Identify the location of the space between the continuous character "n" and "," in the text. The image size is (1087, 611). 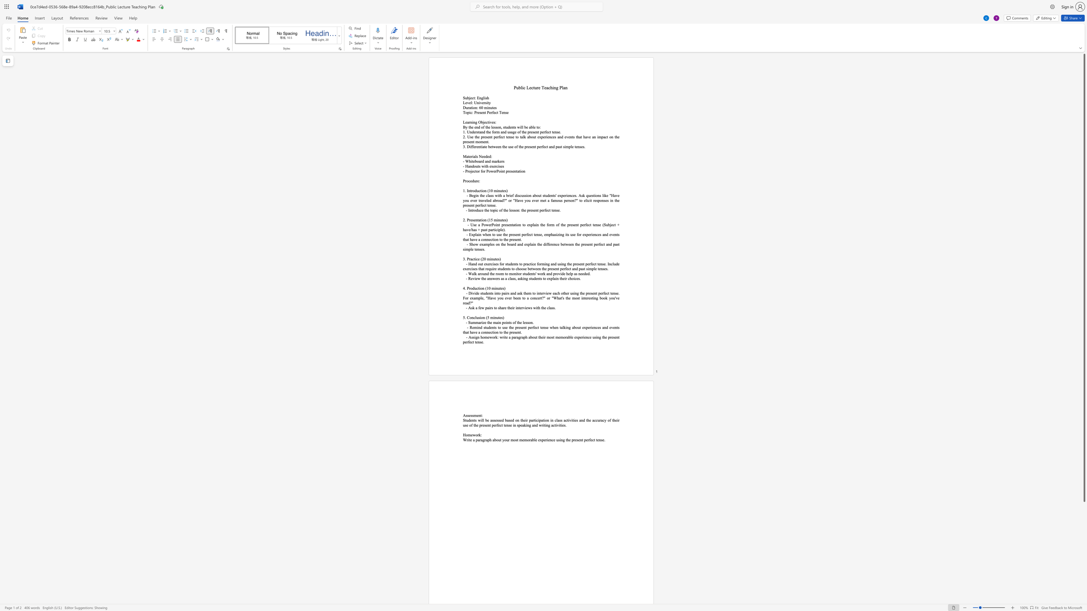
(501, 127).